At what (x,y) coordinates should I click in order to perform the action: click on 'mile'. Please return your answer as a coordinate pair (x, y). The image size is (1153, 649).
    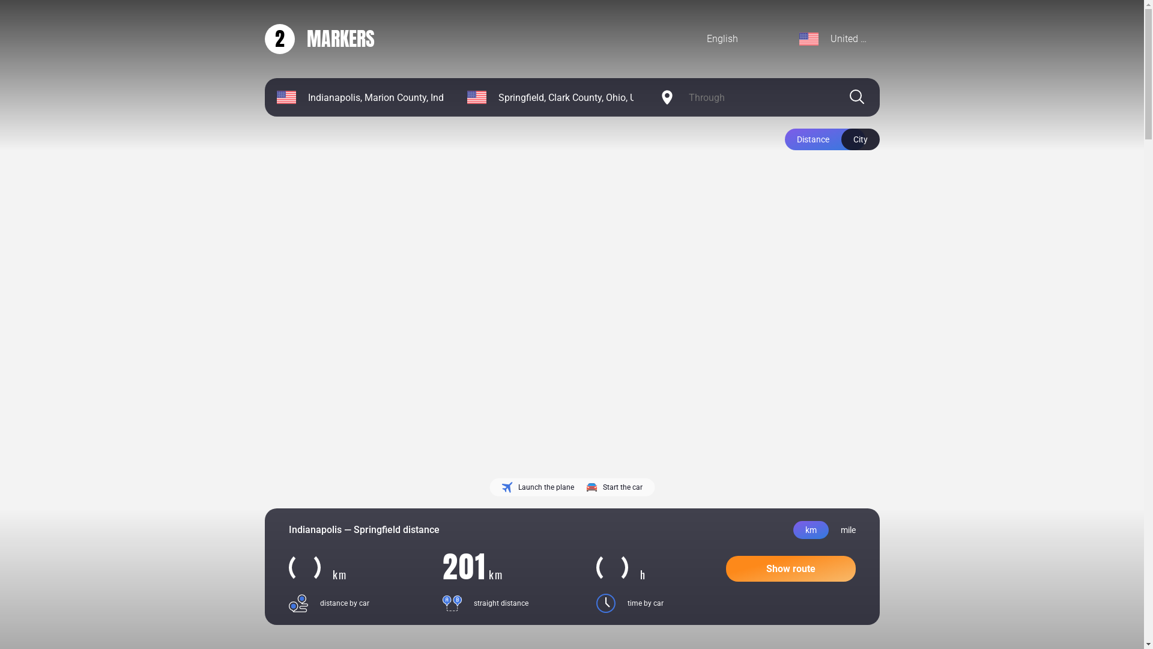
    Looking at the image, I should click on (847, 529).